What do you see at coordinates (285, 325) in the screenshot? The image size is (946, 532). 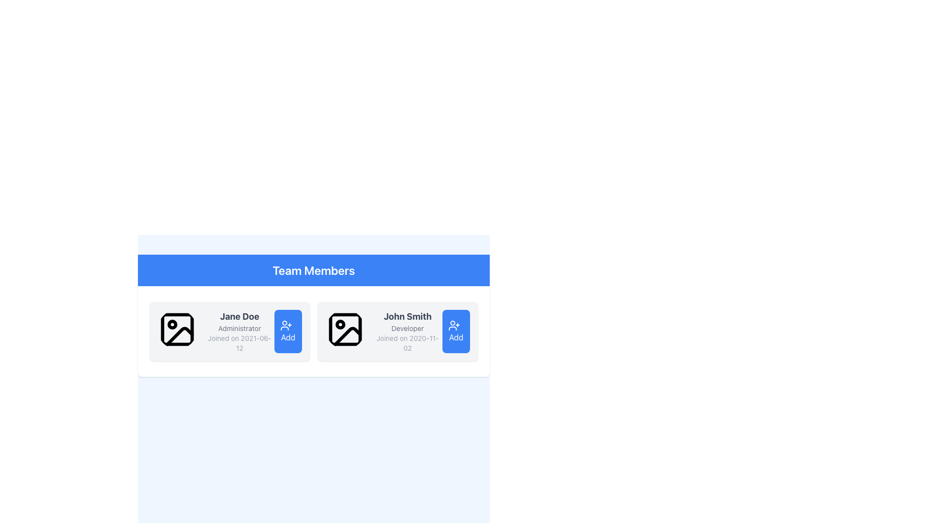 I see `the 'Add' icon which is visually represented for adding a user, located next to the profile details of 'John Smith'` at bounding box center [285, 325].